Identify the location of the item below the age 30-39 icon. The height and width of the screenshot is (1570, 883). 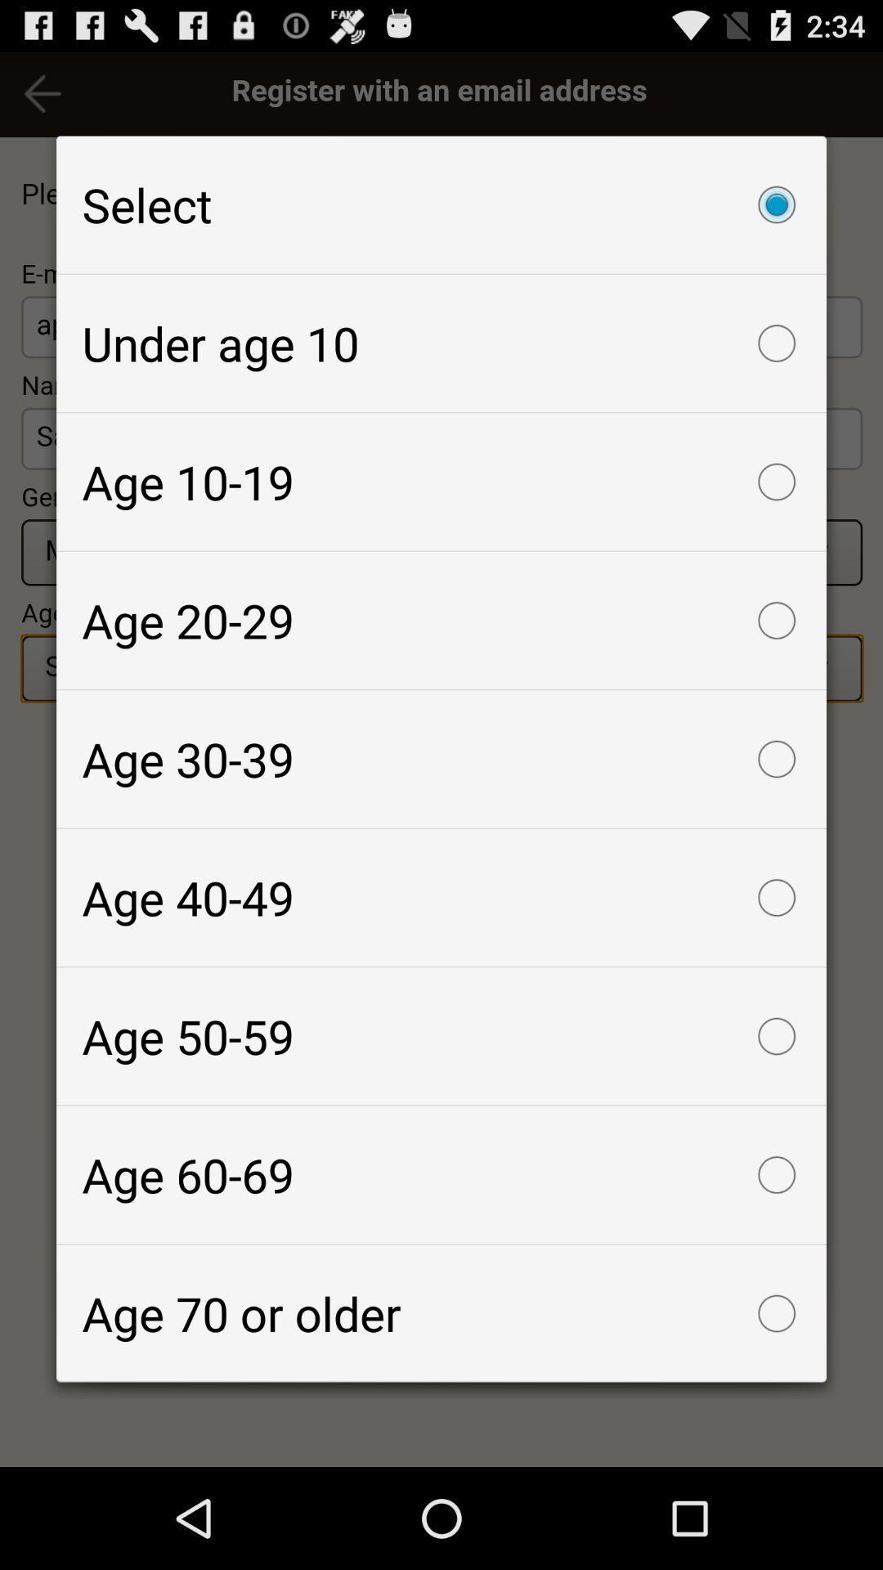
(441, 897).